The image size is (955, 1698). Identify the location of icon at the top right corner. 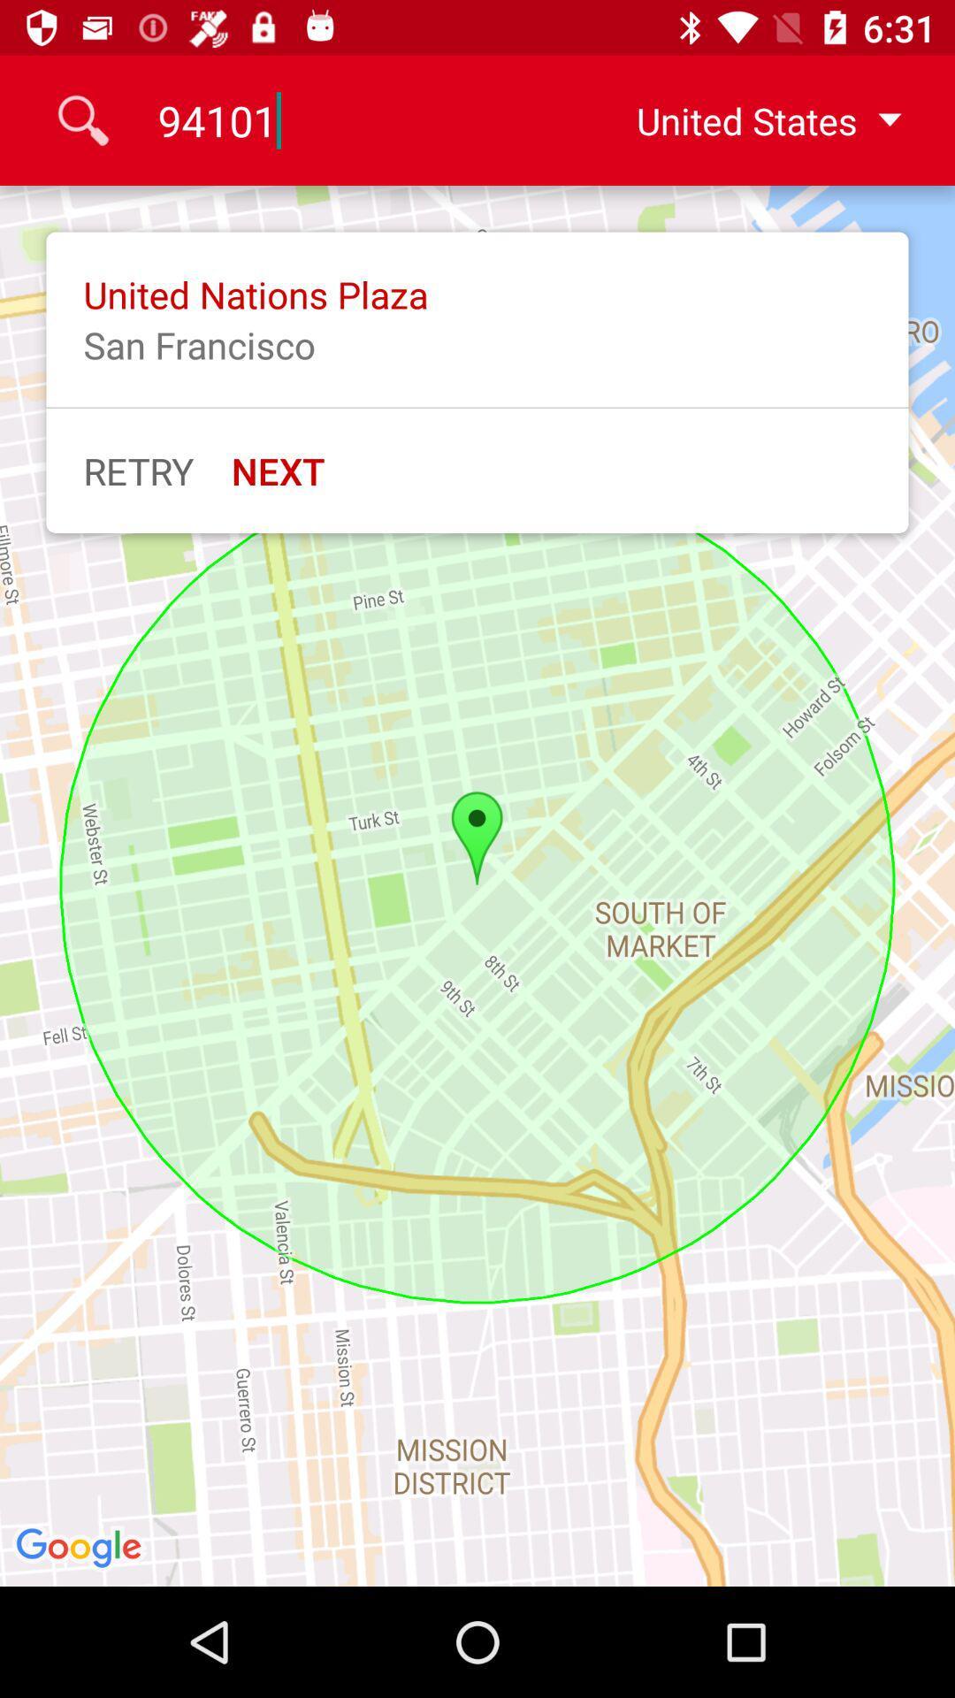
(754, 119).